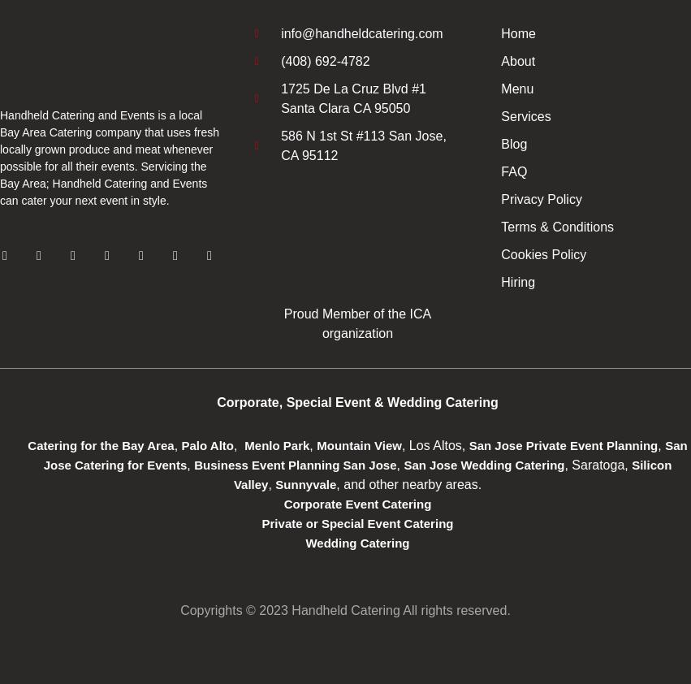  Describe the element at coordinates (516, 60) in the screenshot. I see `'About'` at that location.